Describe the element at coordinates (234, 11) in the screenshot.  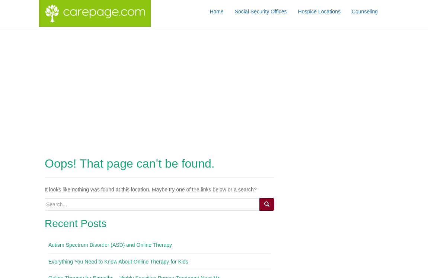
I see `'Social Security Offices'` at that location.